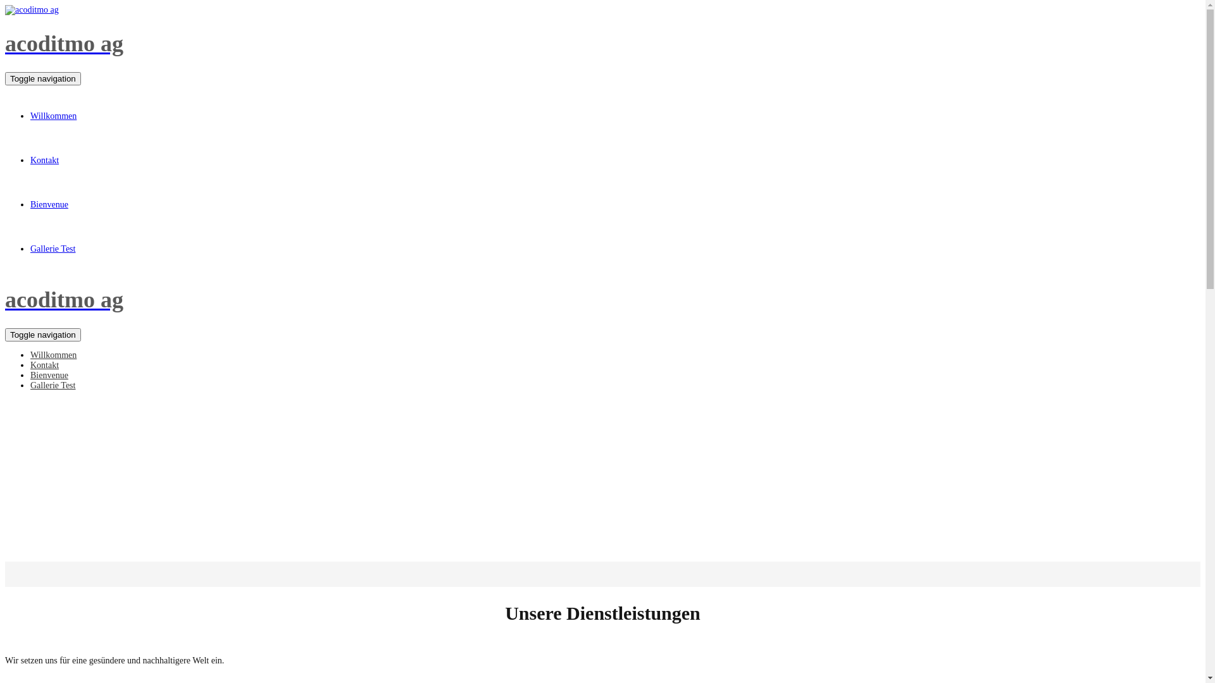  I want to click on 'Toggle navigation', so click(42, 78).